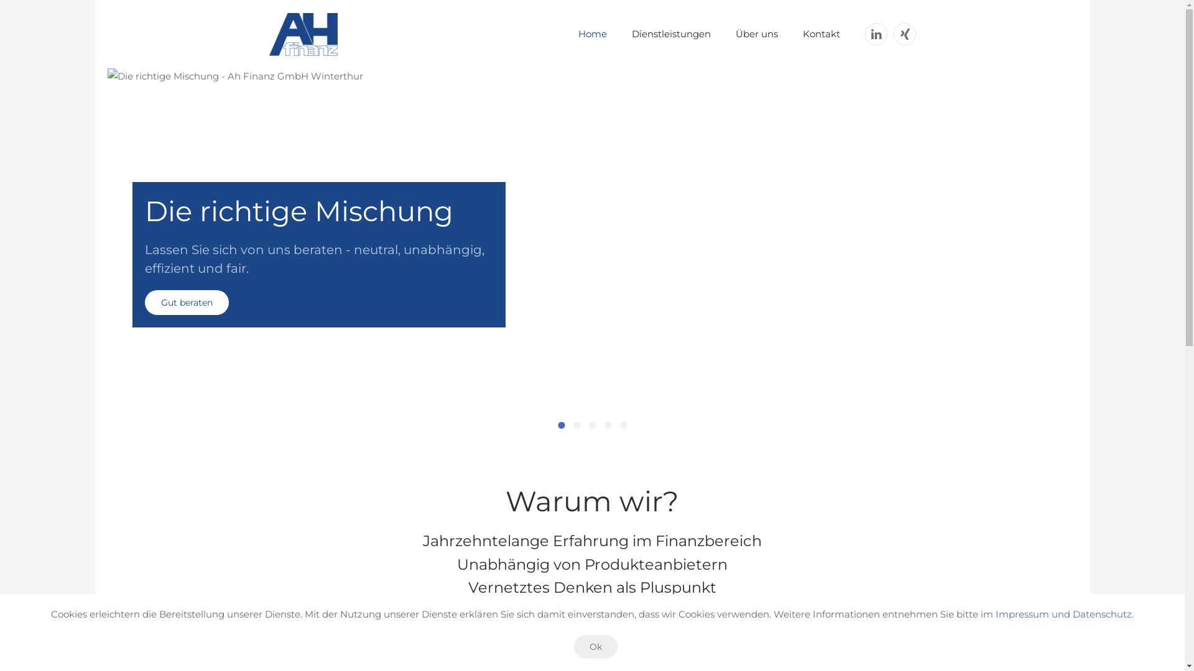  What do you see at coordinates (592, 33) in the screenshot?
I see `'Home'` at bounding box center [592, 33].